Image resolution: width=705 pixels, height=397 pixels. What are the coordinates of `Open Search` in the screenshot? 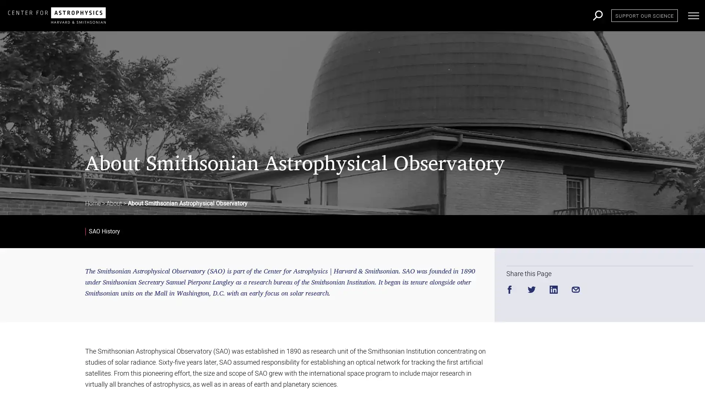 It's located at (598, 15).